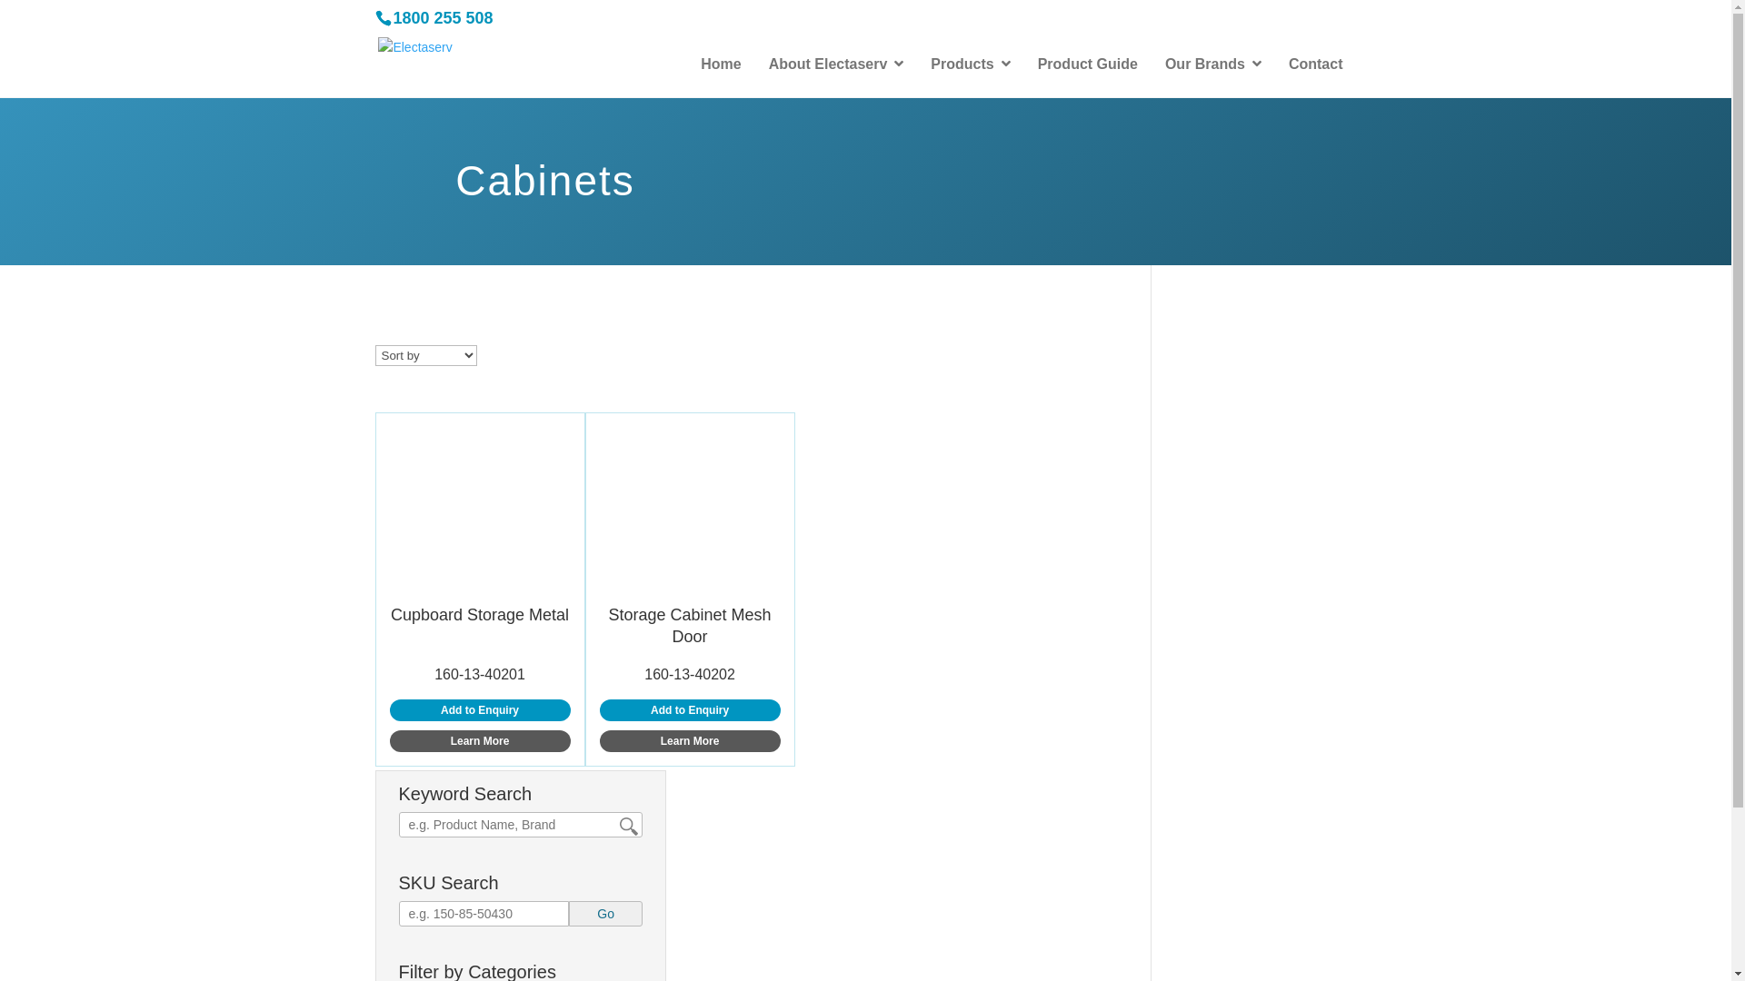 The width and height of the screenshot is (1745, 981). I want to click on 'Add to Enquiry', so click(689, 709).